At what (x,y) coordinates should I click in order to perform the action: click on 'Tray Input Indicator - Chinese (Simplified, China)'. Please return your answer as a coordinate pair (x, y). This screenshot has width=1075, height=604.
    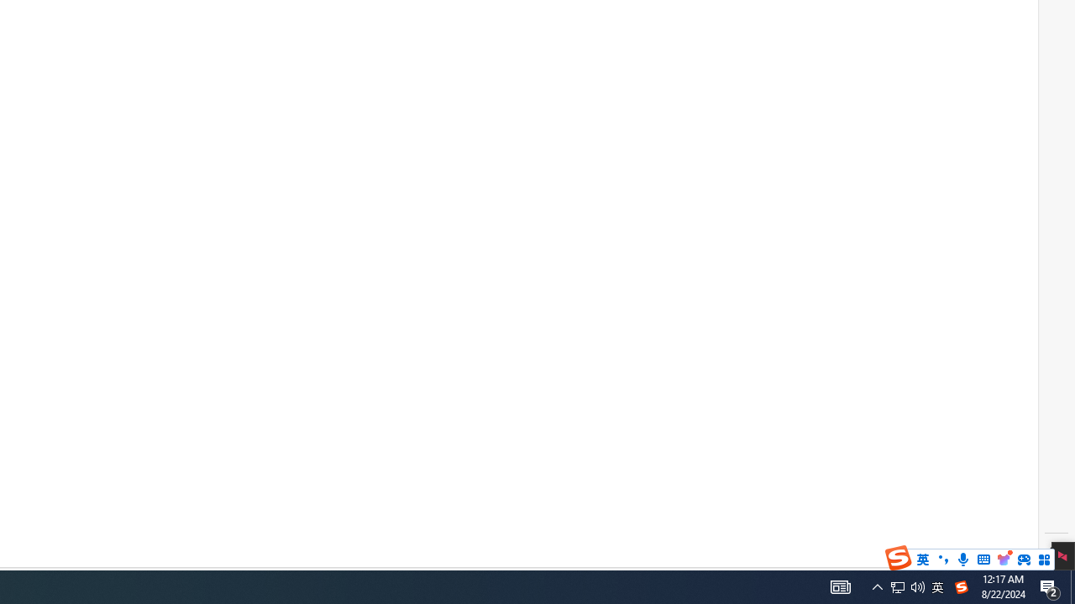
    Looking at the image, I should click on (897, 586).